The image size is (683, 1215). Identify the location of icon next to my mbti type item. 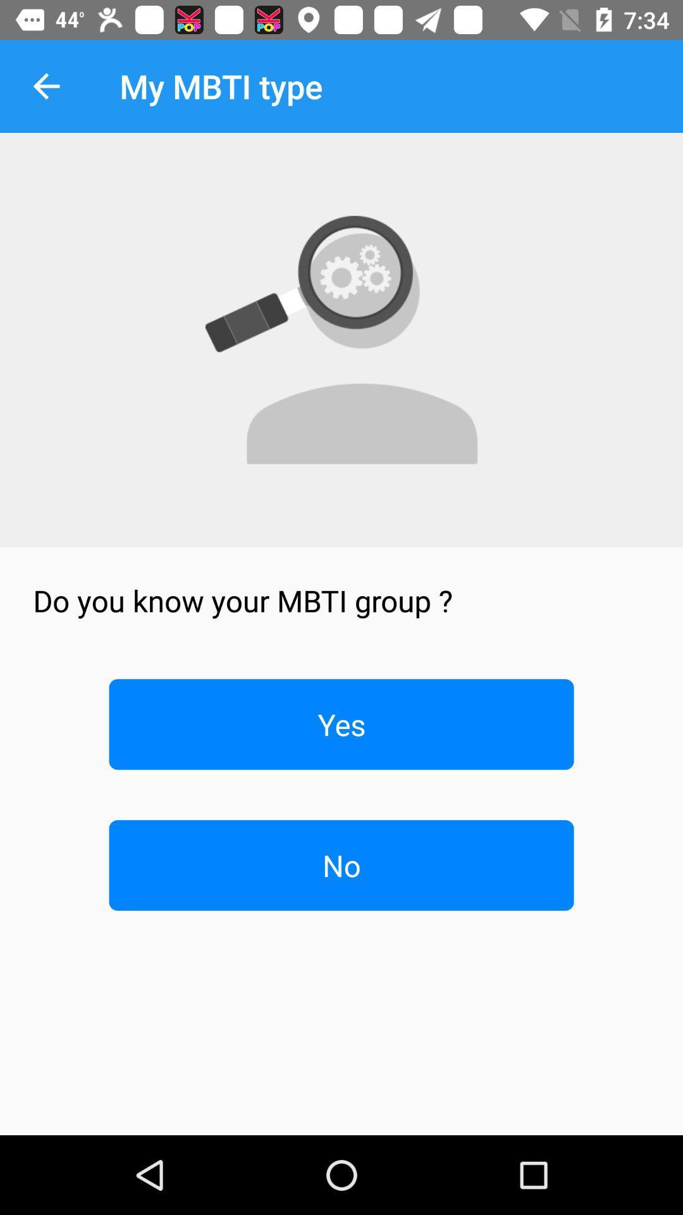
(46, 85).